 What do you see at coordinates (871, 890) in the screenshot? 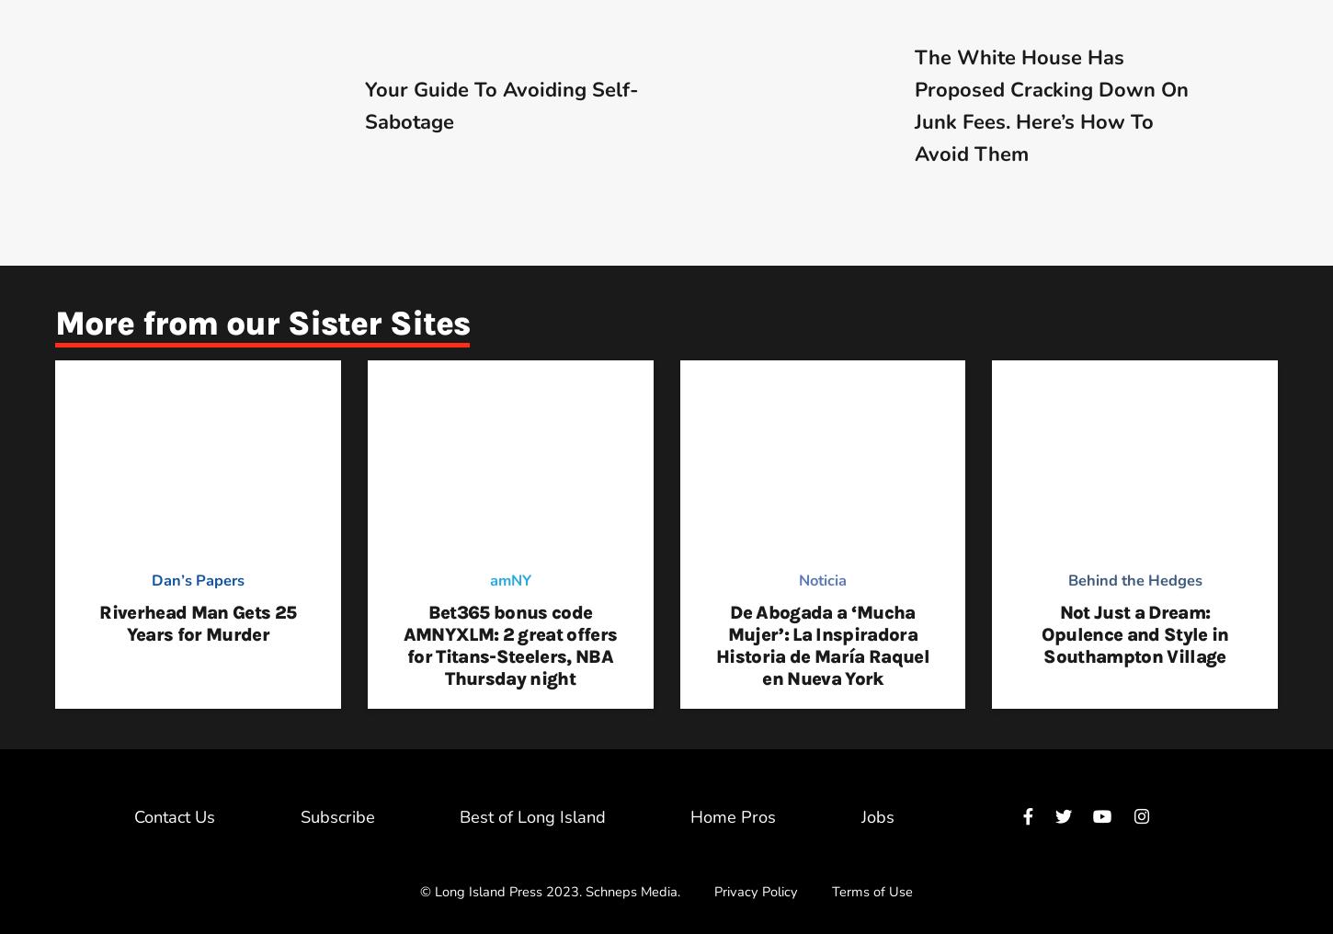
I see `'Terms of Use'` at bounding box center [871, 890].